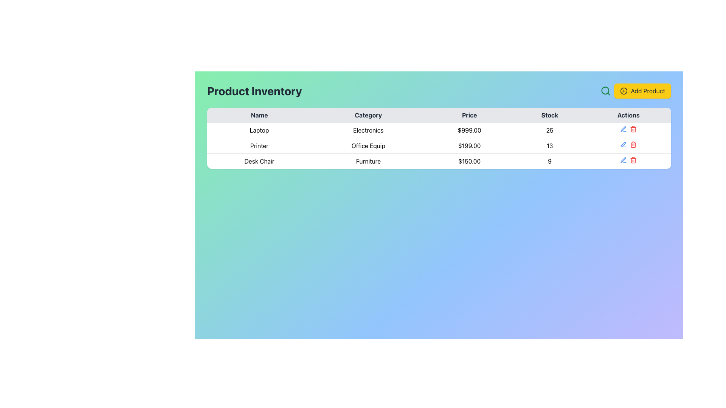  I want to click on the text element displaying the name 'Printer' in the inventory table, located in the second row under the 'Name' column, so click(259, 145).